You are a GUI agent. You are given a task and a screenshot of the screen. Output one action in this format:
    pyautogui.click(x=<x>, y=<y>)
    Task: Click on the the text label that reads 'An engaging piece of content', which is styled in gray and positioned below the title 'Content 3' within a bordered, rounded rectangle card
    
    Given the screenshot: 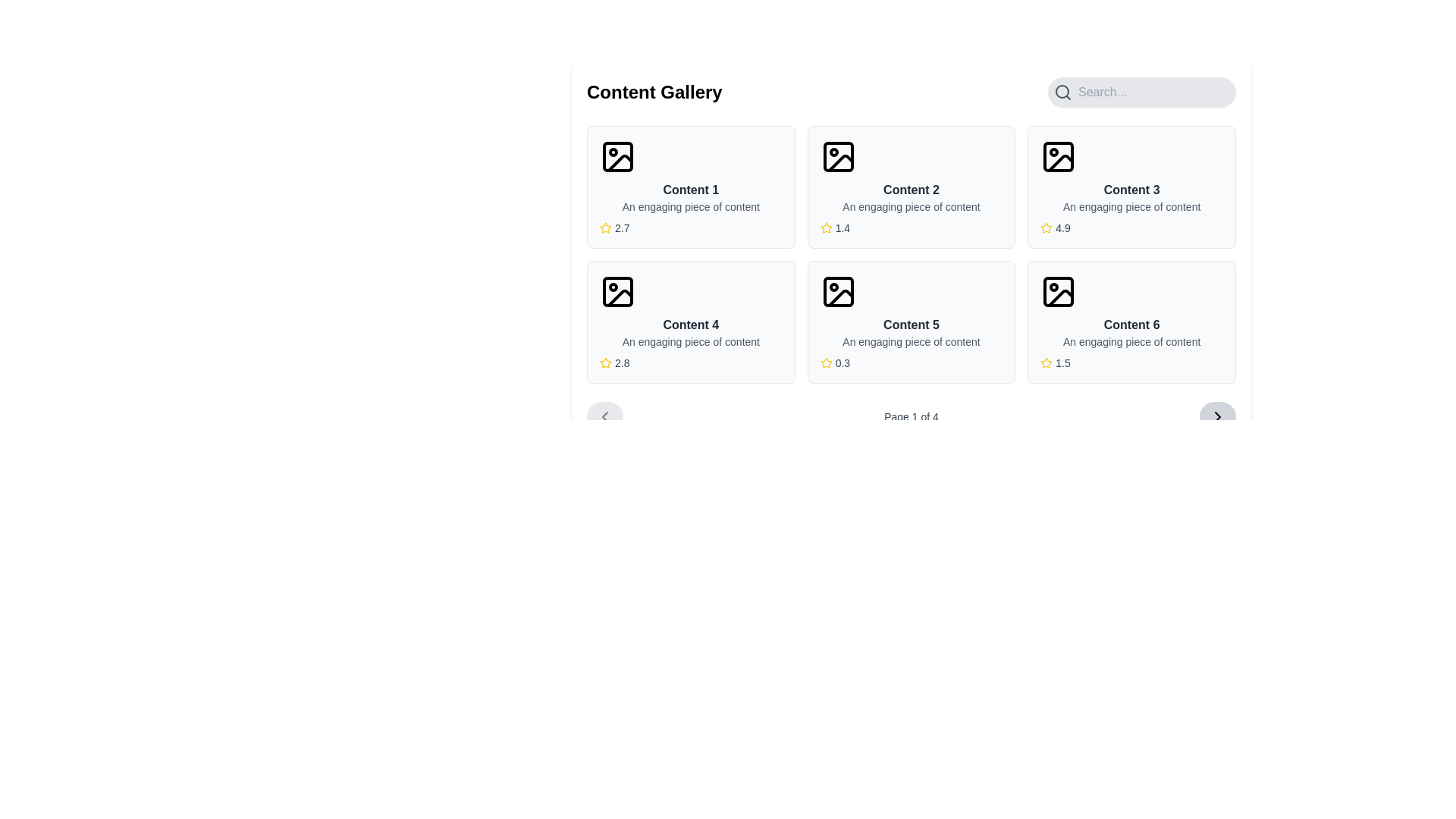 What is the action you would take?
    pyautogui.click(x=1131, y=207)
    